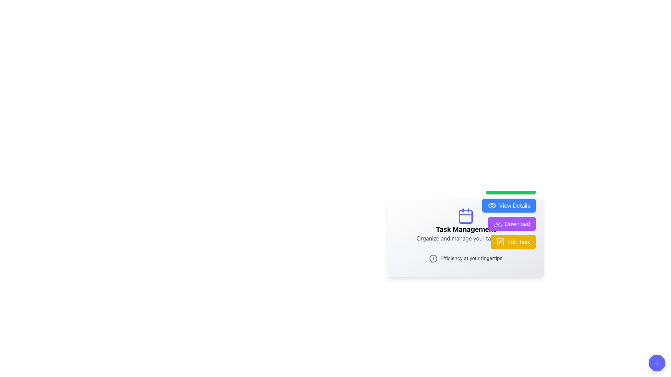  Describe the element at coordinates (495, 187) in the screenshot. I see `the circular arc element that is part of an icon or graphical representation, located in the upper-left section of a circular design above the task management card` at that location.